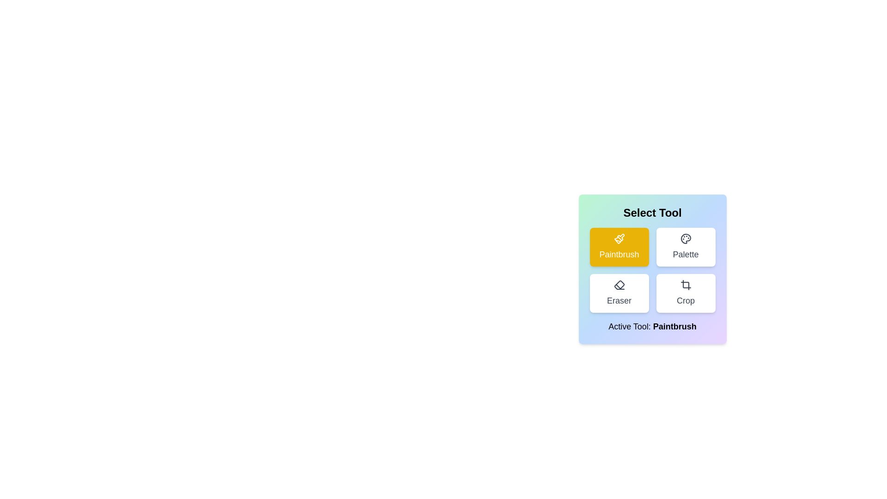 This screenshot has width=887, height=499. I want to click on the Crop button to observe its hover effect, so click(686, 293).